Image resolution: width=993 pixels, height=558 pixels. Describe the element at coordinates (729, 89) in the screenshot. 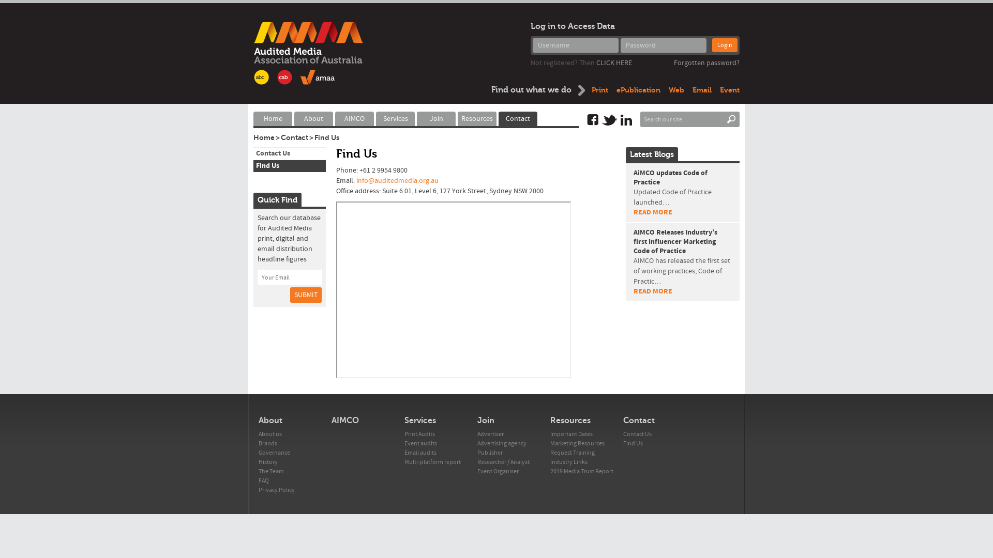

I see `'Event'` at that location.